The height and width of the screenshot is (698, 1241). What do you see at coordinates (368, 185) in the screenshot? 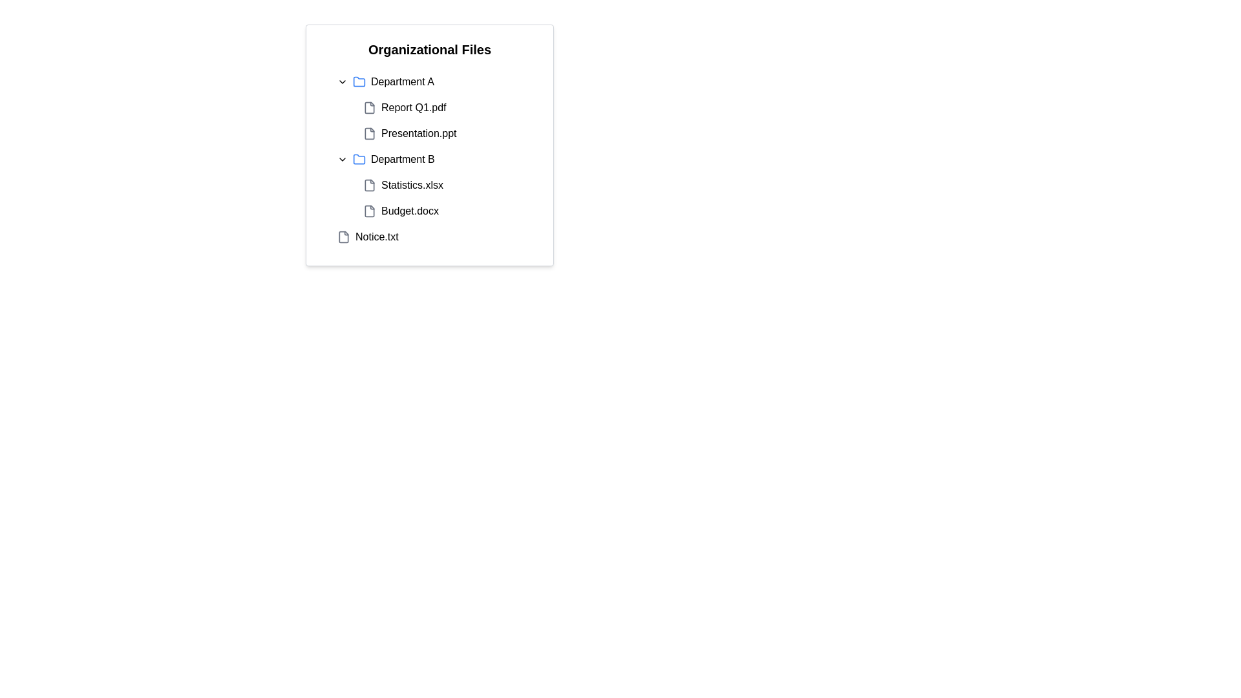
I see `the file icon representing 'Statistics.xlsx' located under 'Department B'` at bounding box center [368, 185].